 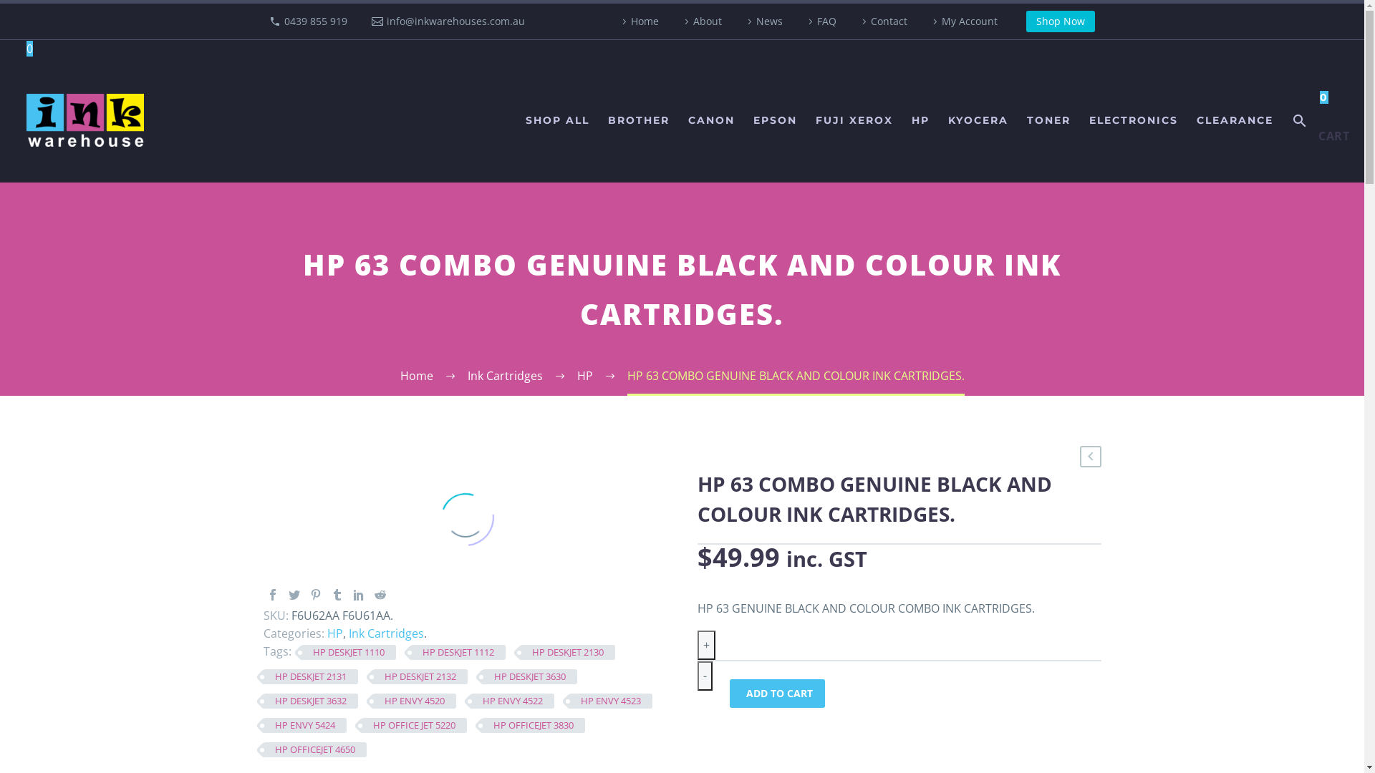 What do you see at coordinates (315, 21) in the screenshot?
I see `'0439 855 919'` at bounding box center [315, 21].